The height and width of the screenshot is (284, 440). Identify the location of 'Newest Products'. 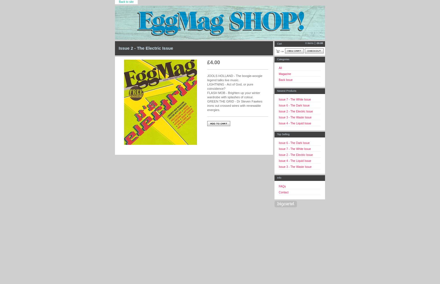
(286, 91).